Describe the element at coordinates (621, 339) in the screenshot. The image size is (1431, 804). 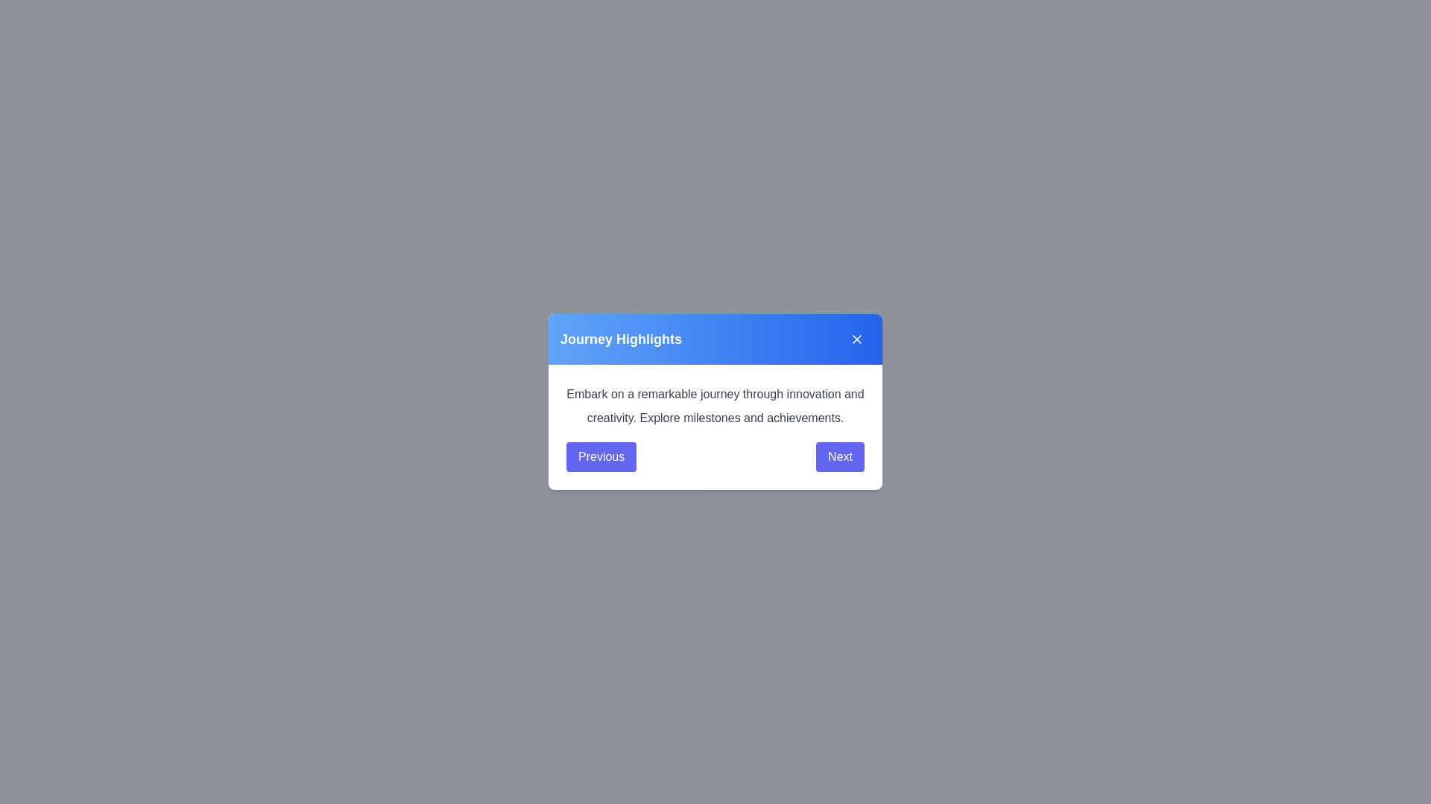
I see `text from the bold 'Journey Highlights' label located in the gradient blue title bar at the top of the modal interface` at that location.